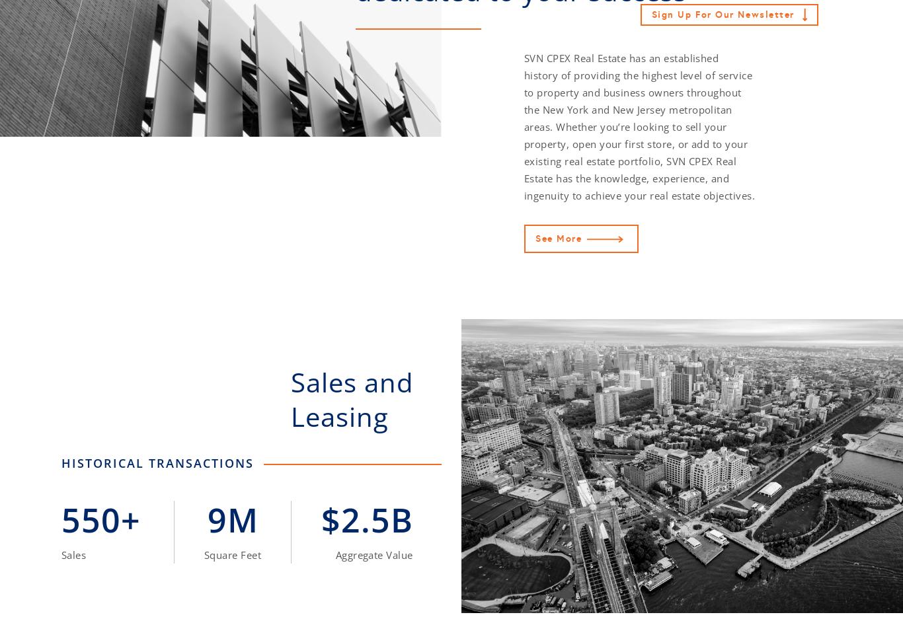 The image size is (903, 625). I want to click on '2.5', so click(365, 519).